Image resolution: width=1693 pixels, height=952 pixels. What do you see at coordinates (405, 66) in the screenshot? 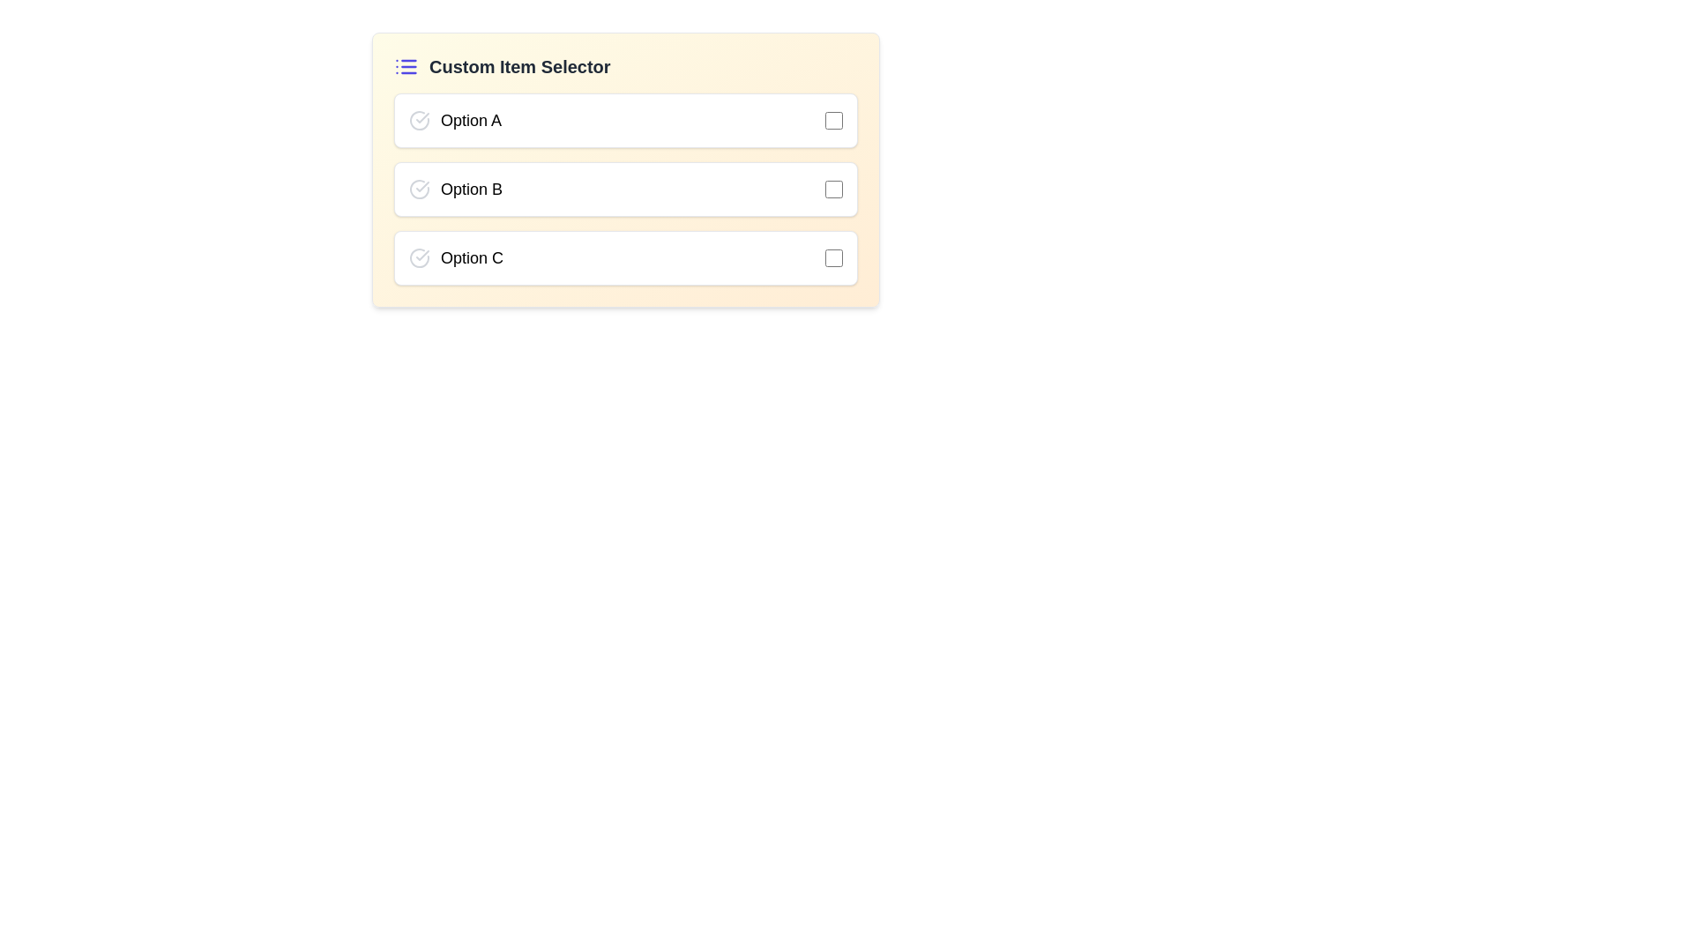
I see `the visual state of the Icon that denotes the 'Custom Item Selector' section, located at the top-left corner of the section, to the immediate left of the text label` at bounding box center [405, 66].